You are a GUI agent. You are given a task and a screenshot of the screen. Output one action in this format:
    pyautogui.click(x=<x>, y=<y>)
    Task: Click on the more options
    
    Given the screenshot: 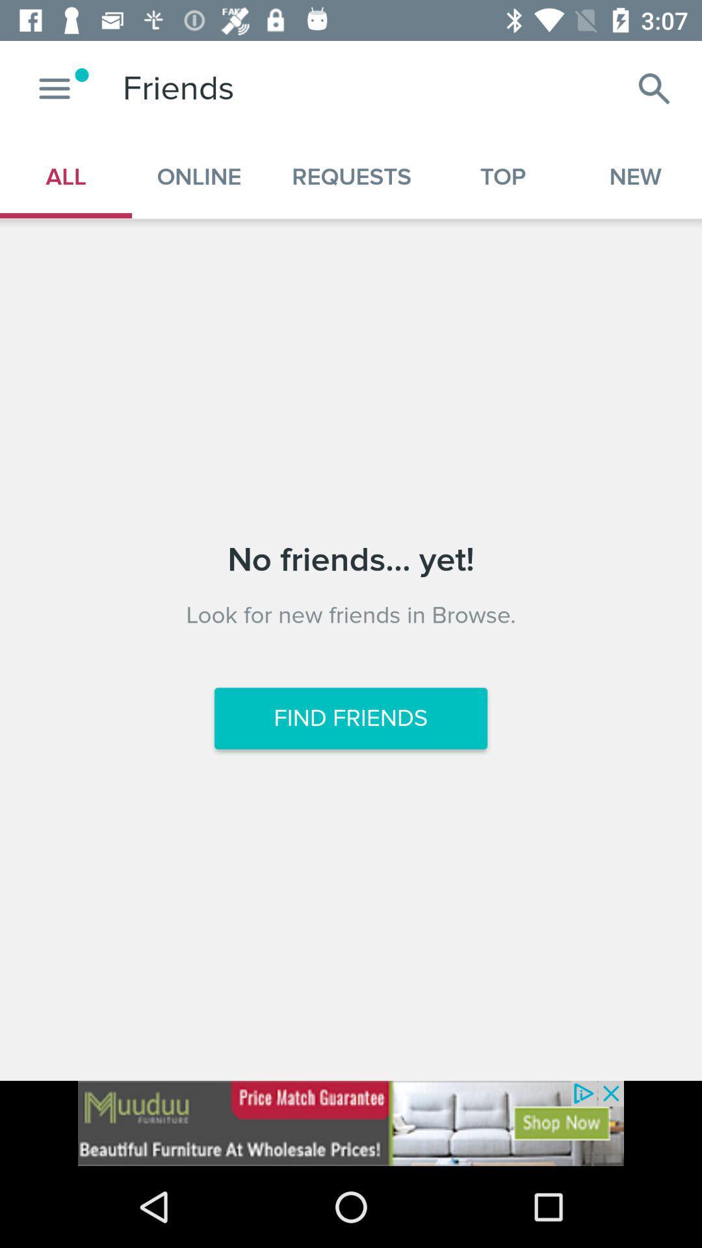 What is the action you would take?
    pyautogui.click(x=54, y=88)
    